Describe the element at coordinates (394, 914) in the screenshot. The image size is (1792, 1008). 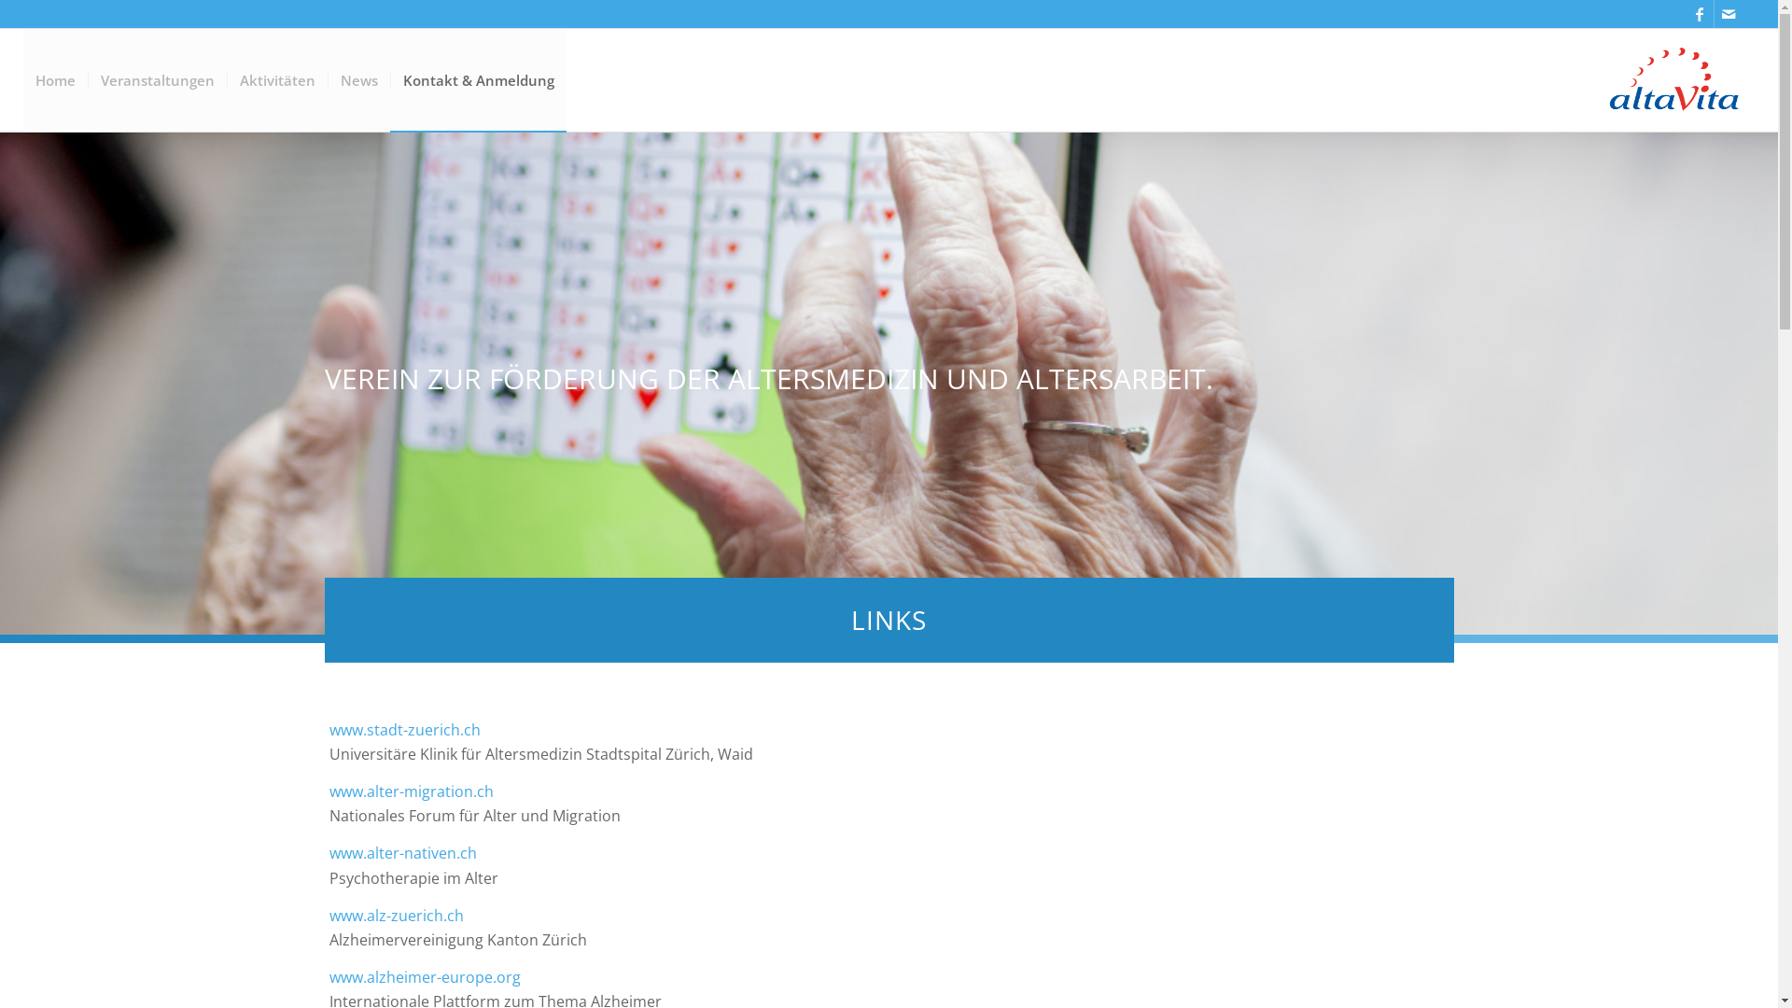
I see `'www.alz-zuerich.ch'` at that location.